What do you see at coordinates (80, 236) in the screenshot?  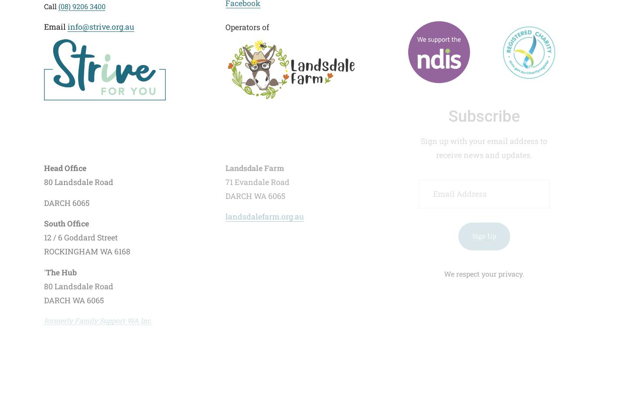 I see `'12 / 6 Goddard Street'` at bounding box center [80, 236].